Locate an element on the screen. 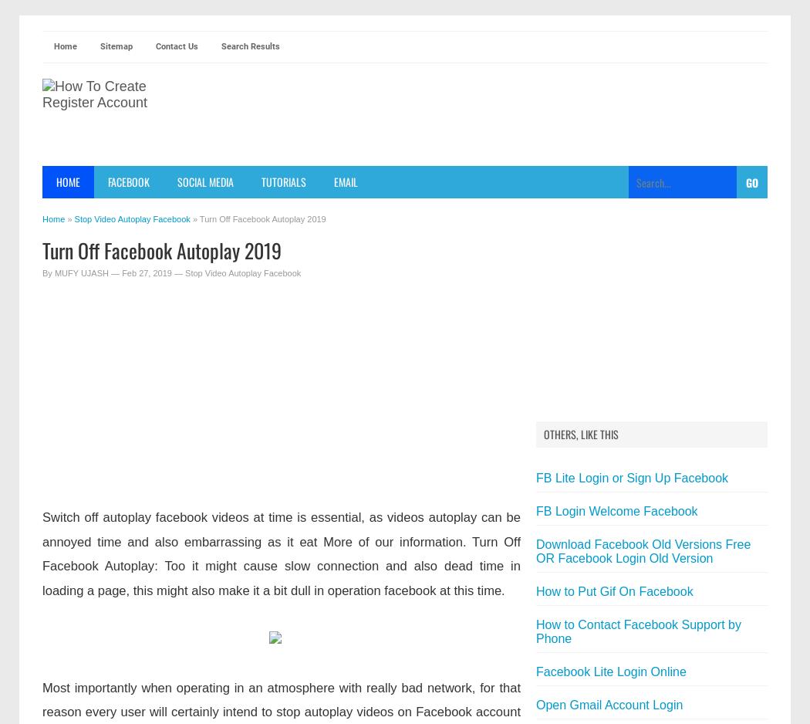 The image size is (810, 724). 'By' is located at coordinates (47, 273).